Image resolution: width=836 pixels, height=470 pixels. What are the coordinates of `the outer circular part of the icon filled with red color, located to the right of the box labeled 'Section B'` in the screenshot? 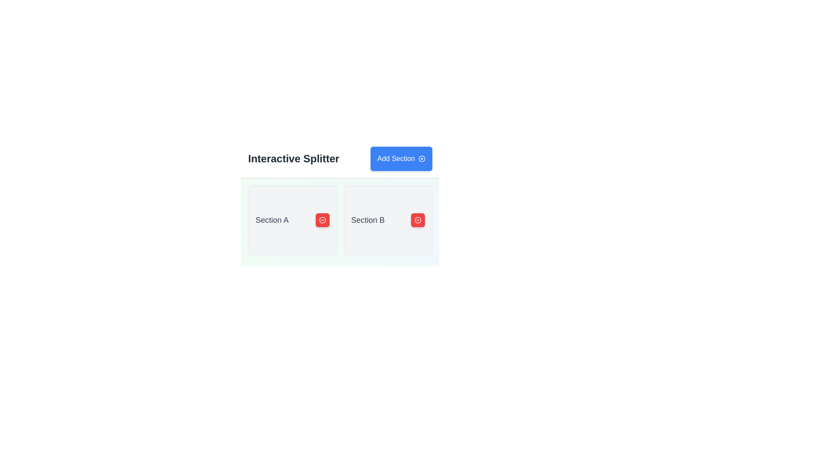 It's located at (322, 219).